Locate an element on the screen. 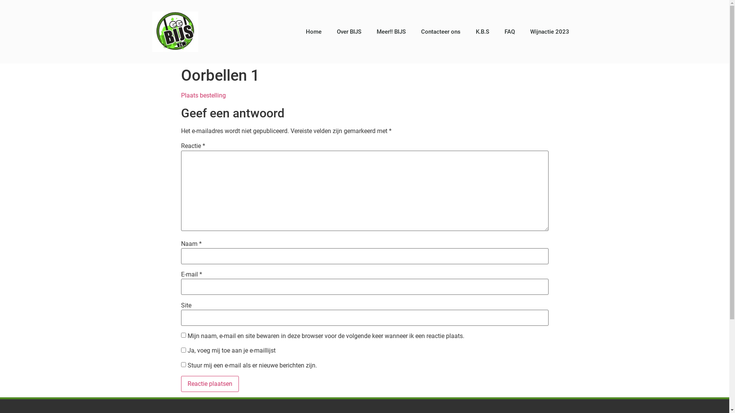  'Over BIJS' is located at coordinates (349, 31).